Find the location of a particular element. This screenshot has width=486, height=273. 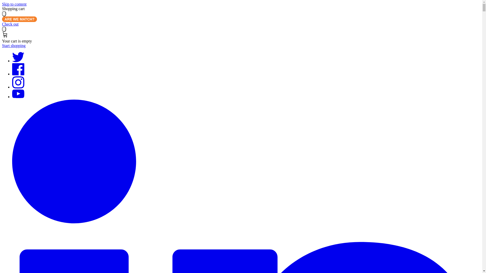

'Facebook' is located at coordinates (18, 74).